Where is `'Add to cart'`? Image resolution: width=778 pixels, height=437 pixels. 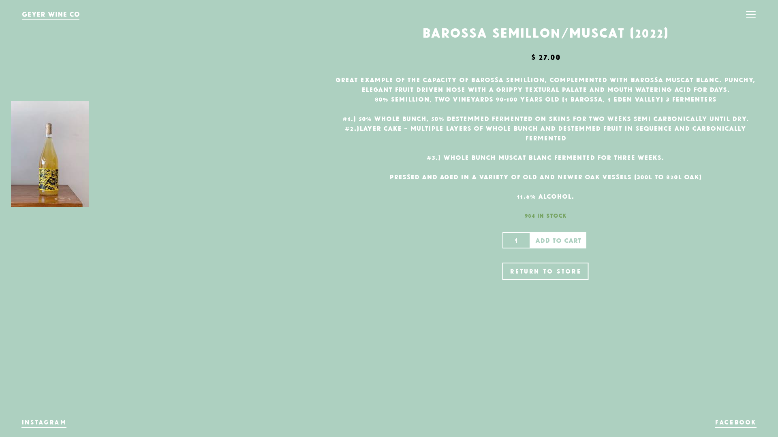 'Add to cart' is located at coordinates (558, 240).